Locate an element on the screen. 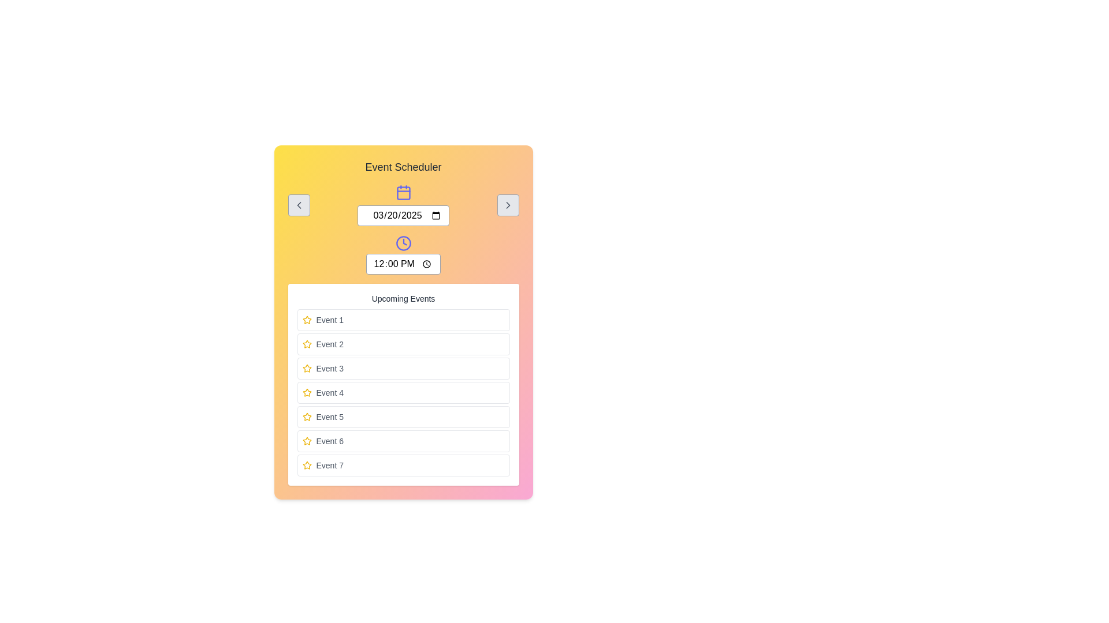  the circular graphical element of the clock icon that visually indicates time representation, located below the date field and above the time field in the scheduling interface is located at coordinates (403, 242).